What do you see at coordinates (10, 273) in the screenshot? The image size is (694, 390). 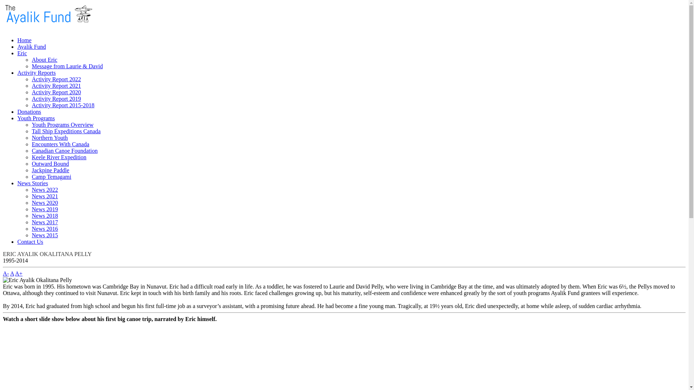 I see `'A'` at bounding box center [10, 273].